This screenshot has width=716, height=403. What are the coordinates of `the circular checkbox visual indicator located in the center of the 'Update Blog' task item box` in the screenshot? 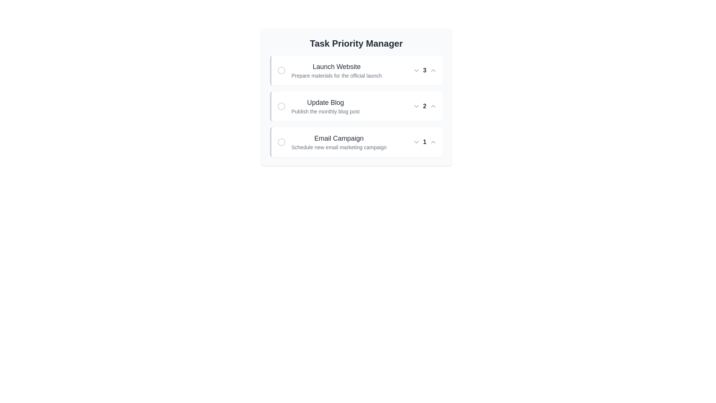 It's located at (281, 106).